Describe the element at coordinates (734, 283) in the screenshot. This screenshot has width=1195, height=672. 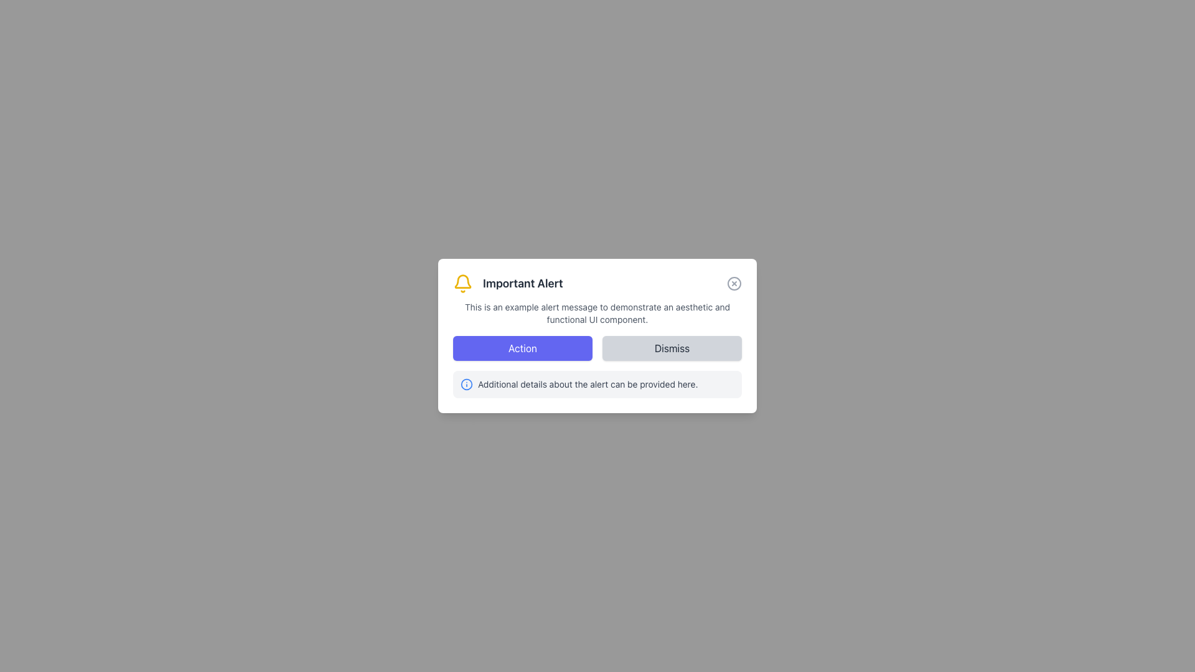
I see `the circular dismiss button located in the top-right corner of the alert modal, which is part of the 'circle-x' icon` at that location.